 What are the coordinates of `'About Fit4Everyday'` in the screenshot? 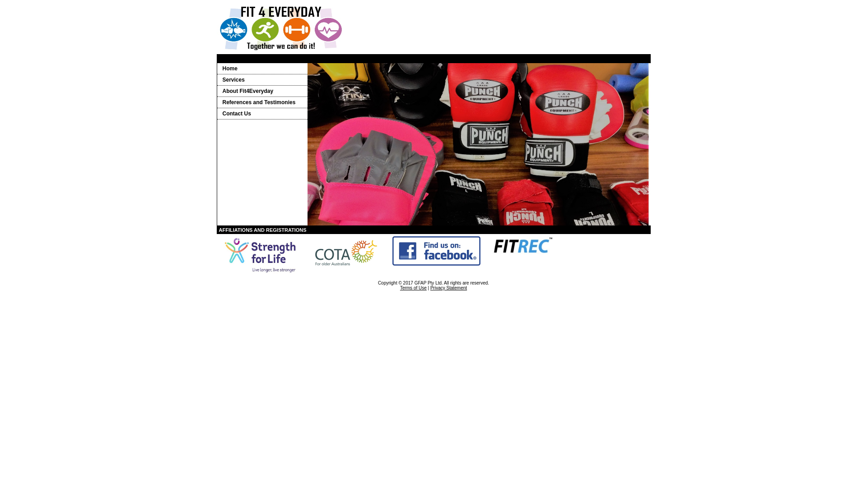 It's located at (217, 91).